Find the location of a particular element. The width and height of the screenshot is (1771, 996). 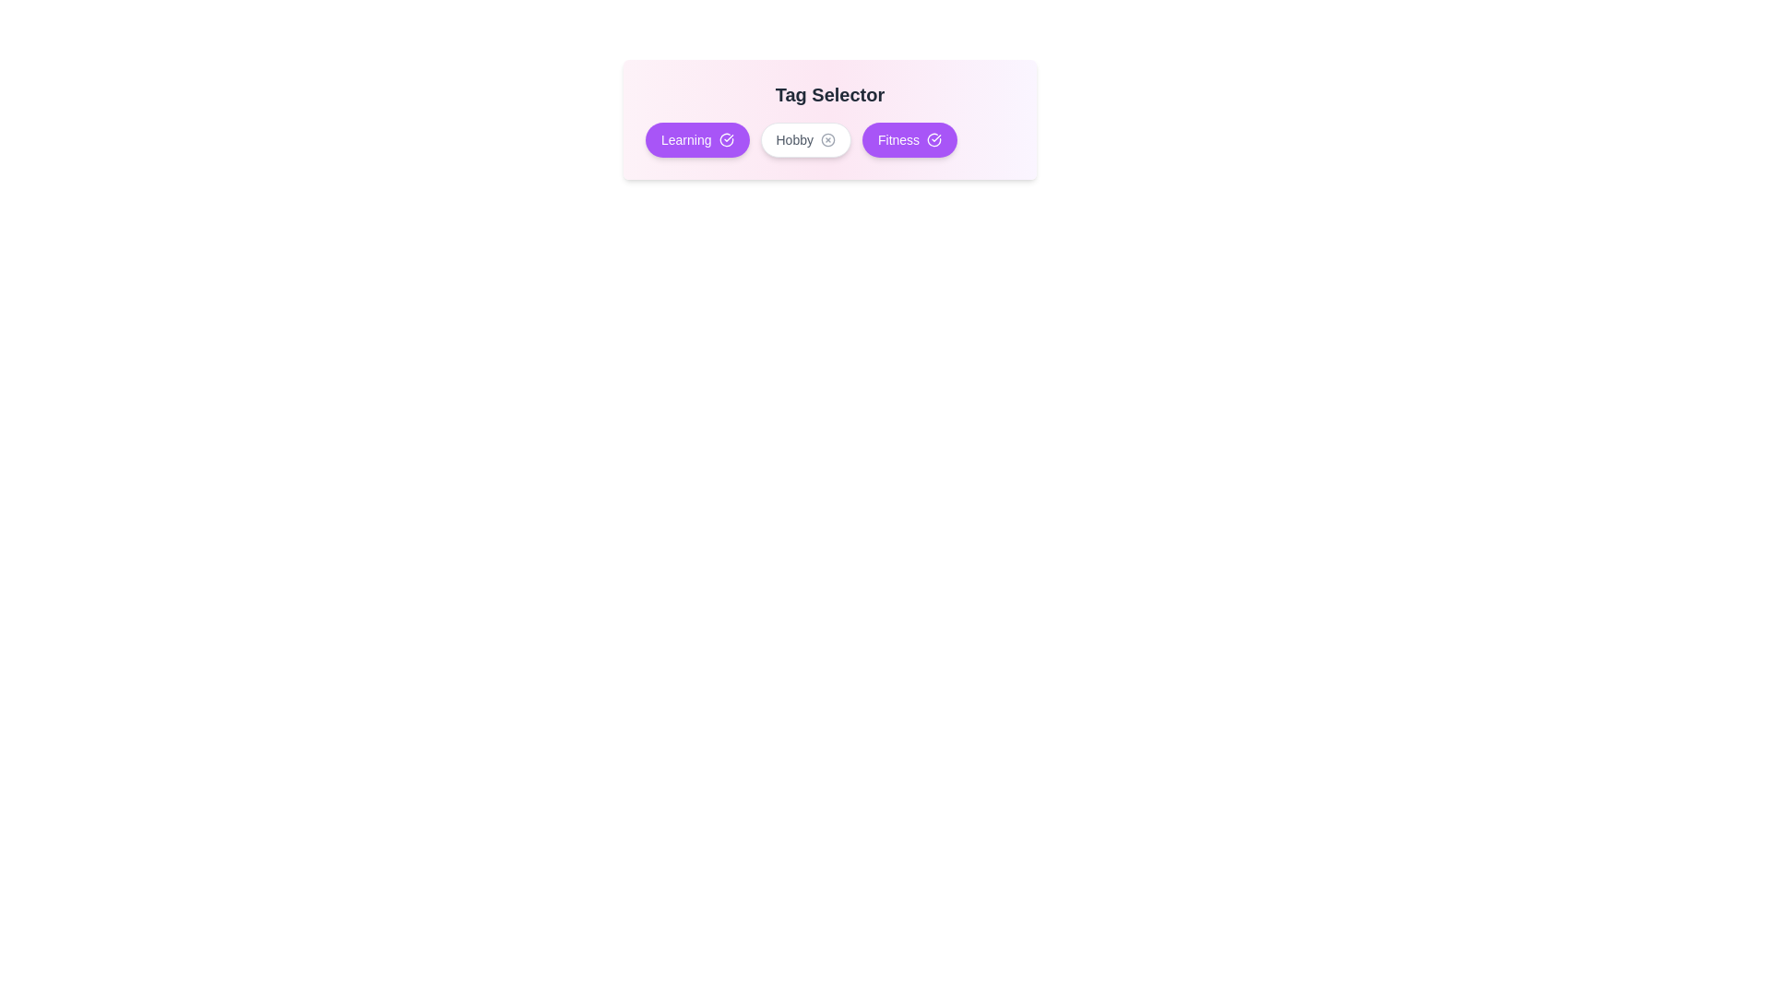

the tag Learning is located at coordinates (696, 138).